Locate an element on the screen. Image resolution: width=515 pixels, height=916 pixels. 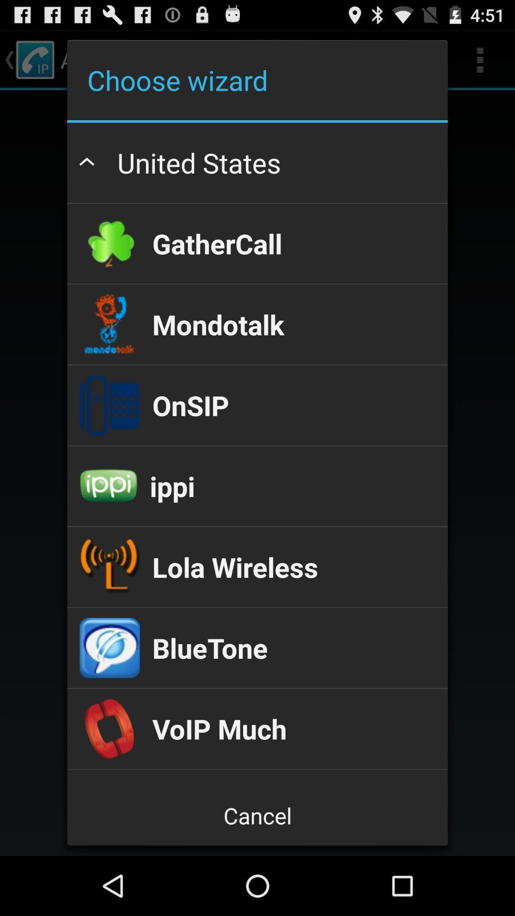
cancel icon is located at coordinates (257, 815).